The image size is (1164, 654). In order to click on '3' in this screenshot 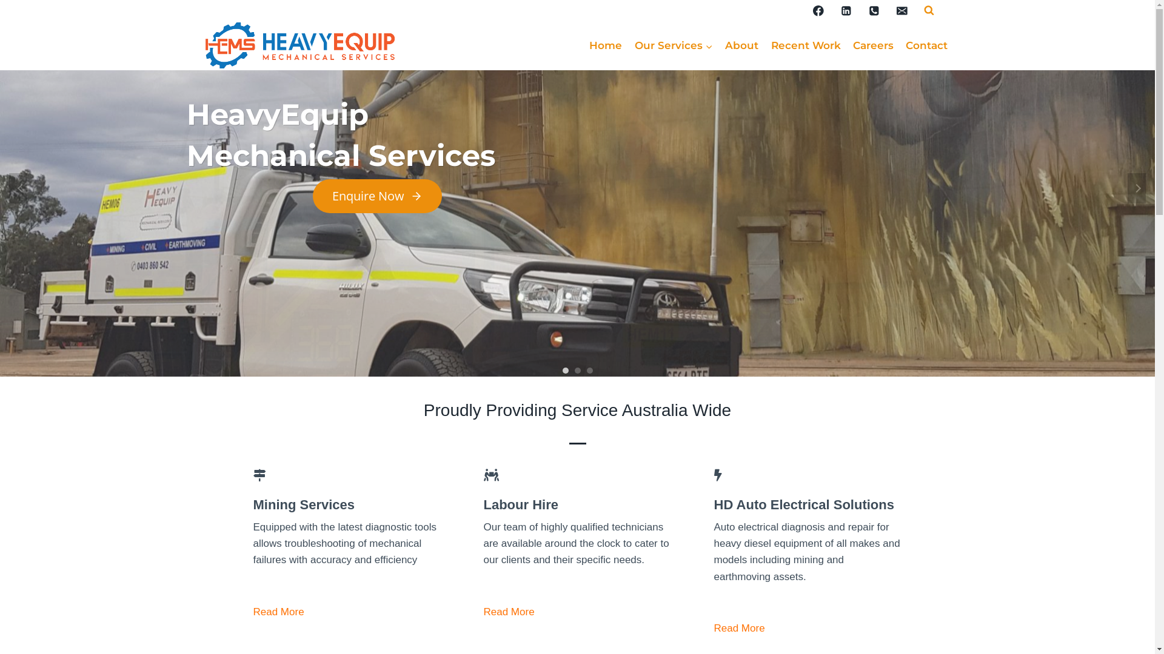, I will do `click(589, 370)`.